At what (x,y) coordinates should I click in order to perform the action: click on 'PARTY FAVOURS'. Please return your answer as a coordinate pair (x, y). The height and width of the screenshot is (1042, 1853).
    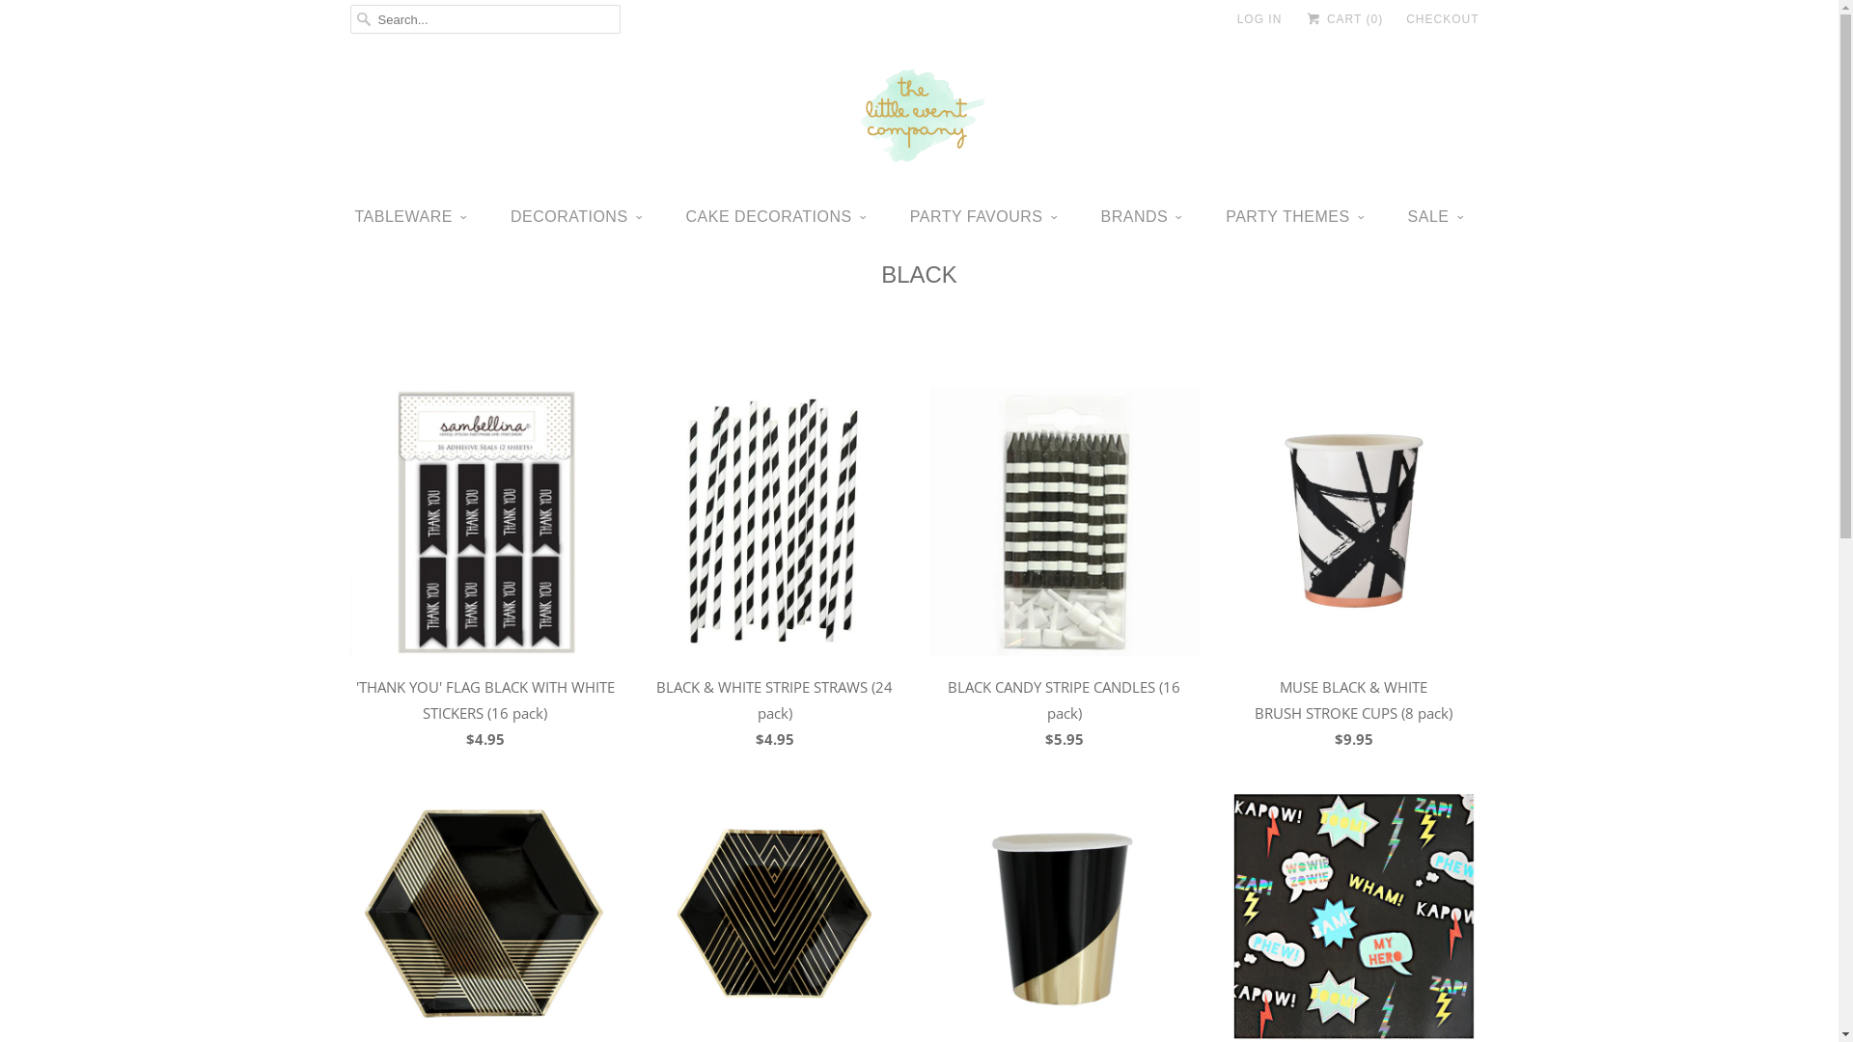
    Looking at the image, I should click on (983, 217).